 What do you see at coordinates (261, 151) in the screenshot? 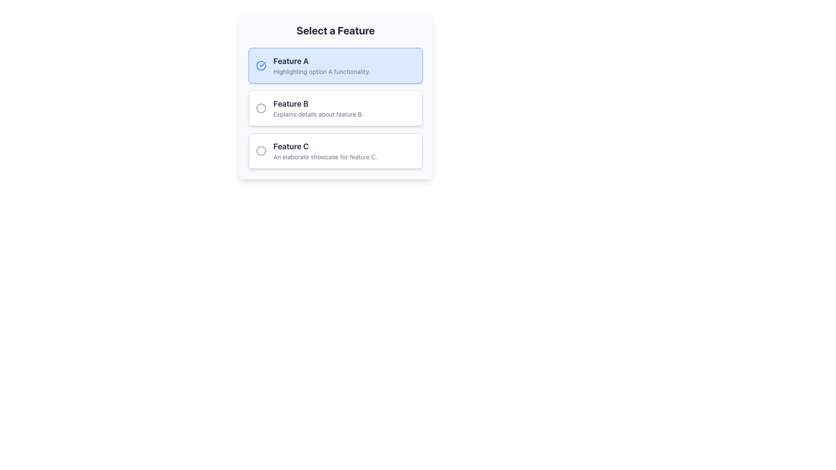
I see `the circular marker adjacent to the text labeled 'Feature C'` at bounding box center [261, 151].